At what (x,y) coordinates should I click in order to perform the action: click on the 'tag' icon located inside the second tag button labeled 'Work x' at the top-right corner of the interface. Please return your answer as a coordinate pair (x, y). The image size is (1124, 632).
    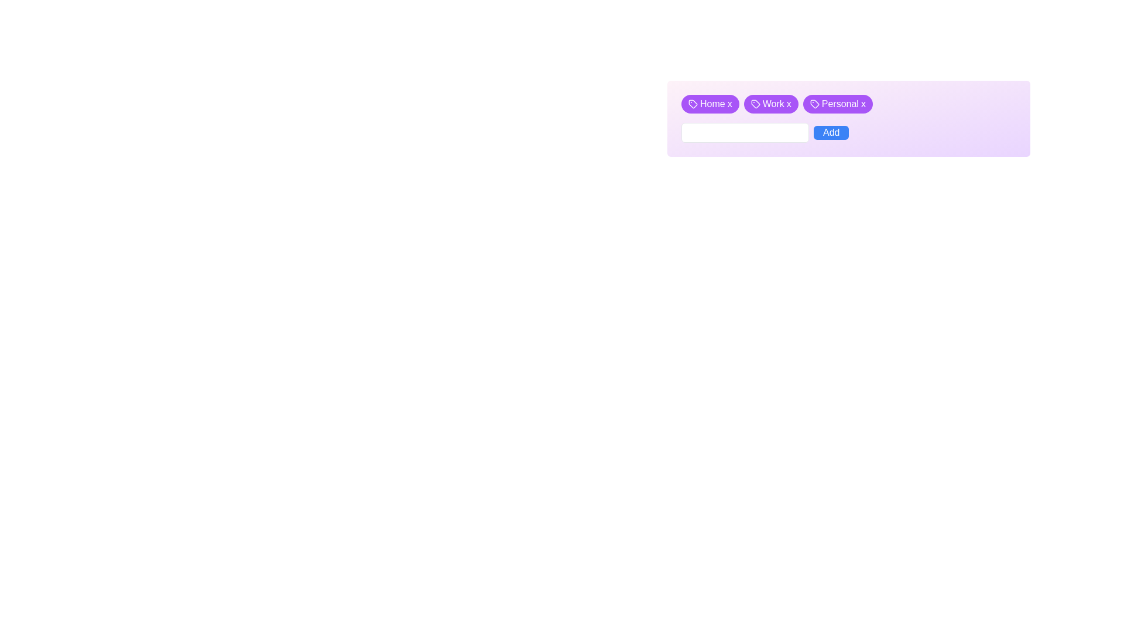
    Looking at the image, I should click on (755, 103).